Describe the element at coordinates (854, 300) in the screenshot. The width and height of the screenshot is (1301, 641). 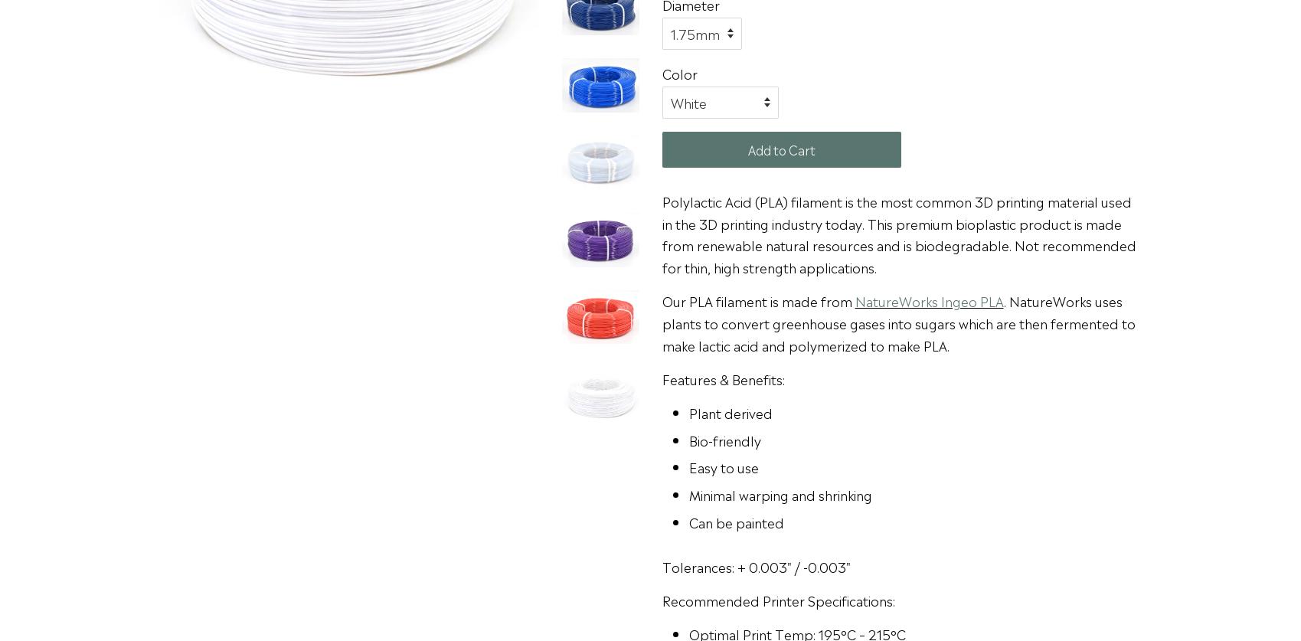
I see `'NatureWorks Ingeo PLA'` at that location.